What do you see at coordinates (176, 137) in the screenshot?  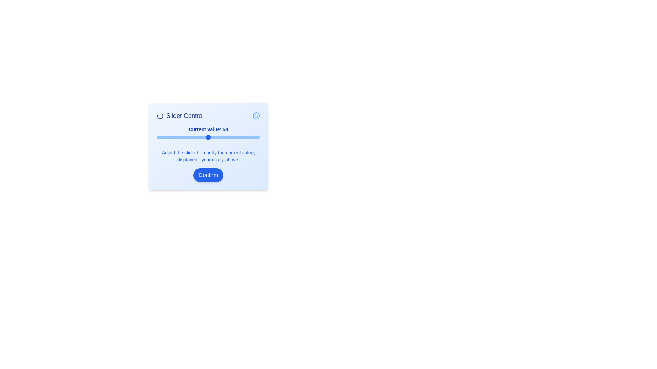 I see `the slider value` at bounding box center [176, 137].